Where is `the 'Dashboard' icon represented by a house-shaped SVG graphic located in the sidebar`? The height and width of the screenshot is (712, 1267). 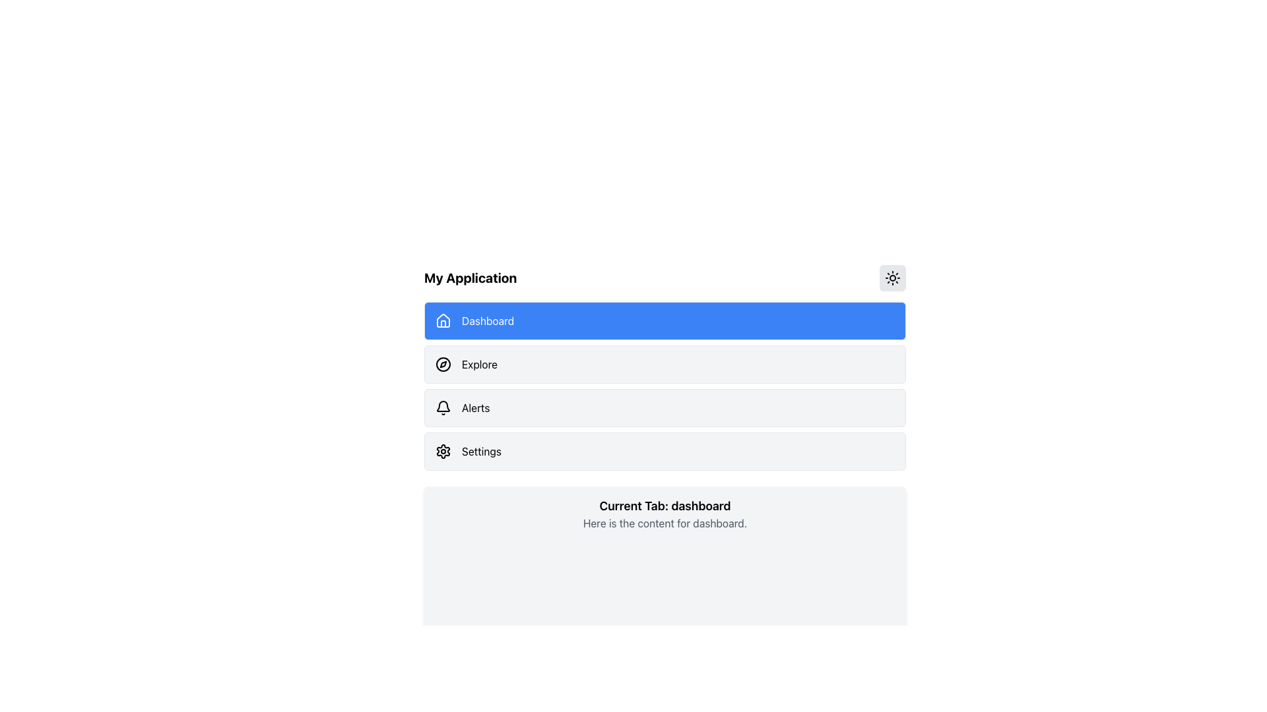 the 'Dashboard' icon represented by a house-shaped SVG graphic located in the sidebar is located at coordinates (443, 320).